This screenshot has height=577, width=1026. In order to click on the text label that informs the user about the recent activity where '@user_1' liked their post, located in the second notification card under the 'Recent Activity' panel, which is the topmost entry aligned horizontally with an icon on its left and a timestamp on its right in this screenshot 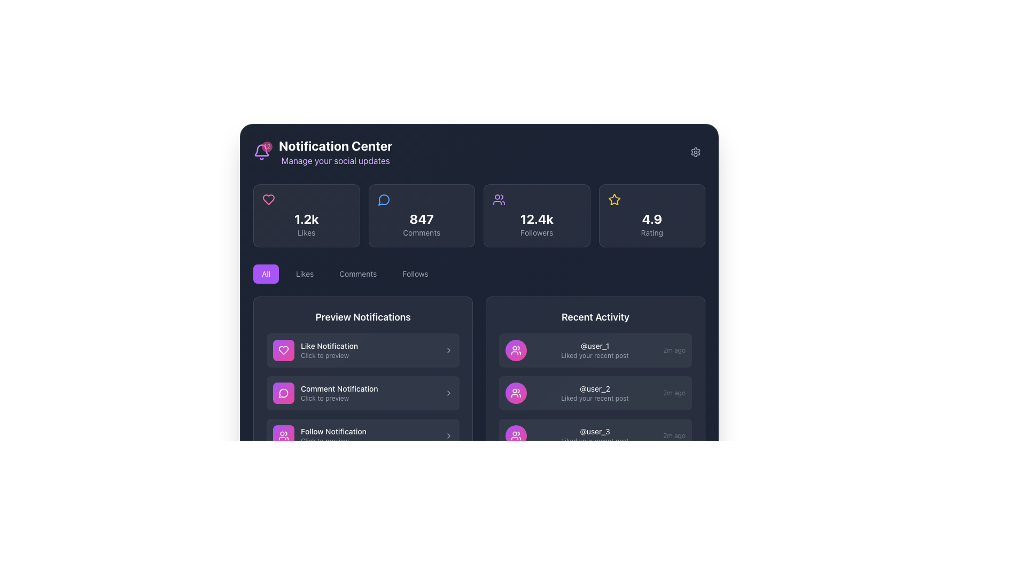, I will do `click(594, 350)`.